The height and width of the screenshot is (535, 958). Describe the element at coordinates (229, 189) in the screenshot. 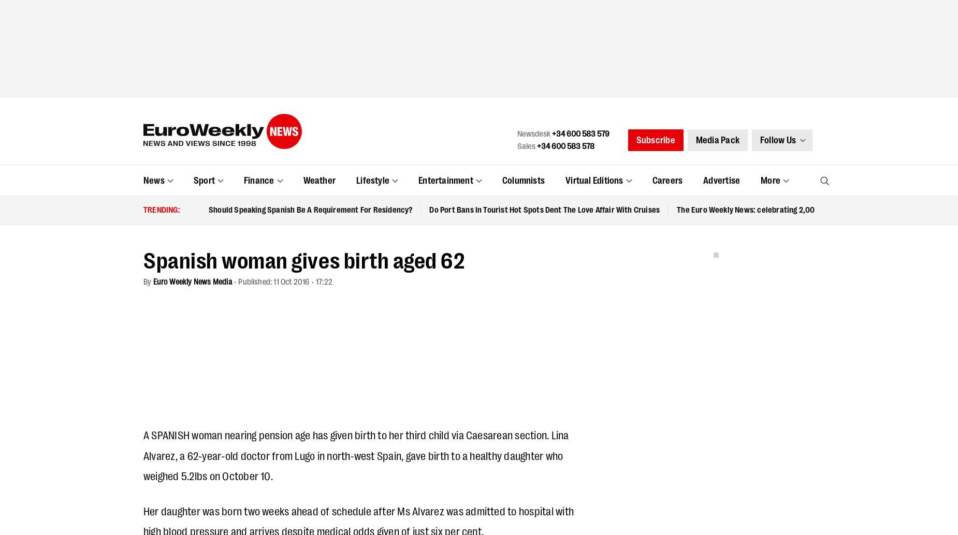

I see `'Written by'` at that location.